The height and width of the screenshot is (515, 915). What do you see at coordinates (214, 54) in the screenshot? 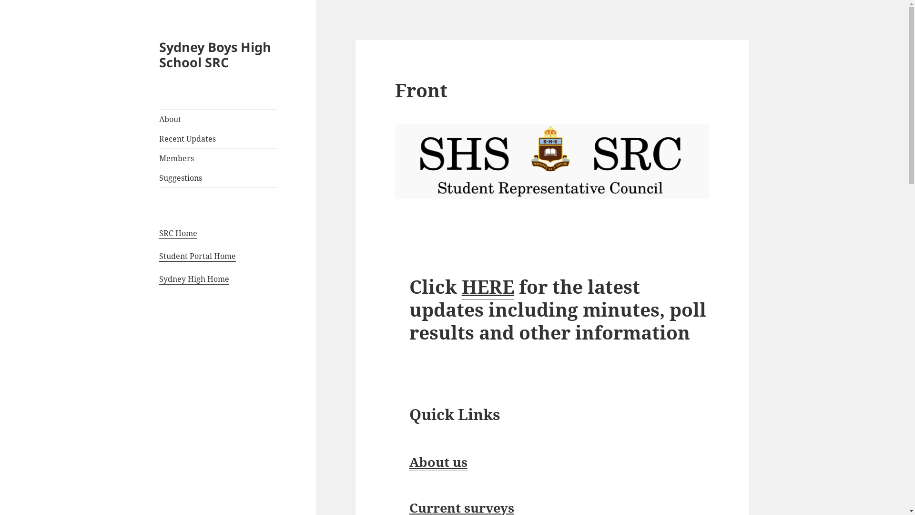
I see `'Sydney Boys High School SRC'` at bounding box center [214, 54].